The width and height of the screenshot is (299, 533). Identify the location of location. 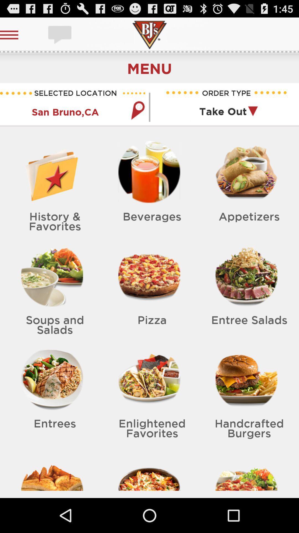
(137, 110).